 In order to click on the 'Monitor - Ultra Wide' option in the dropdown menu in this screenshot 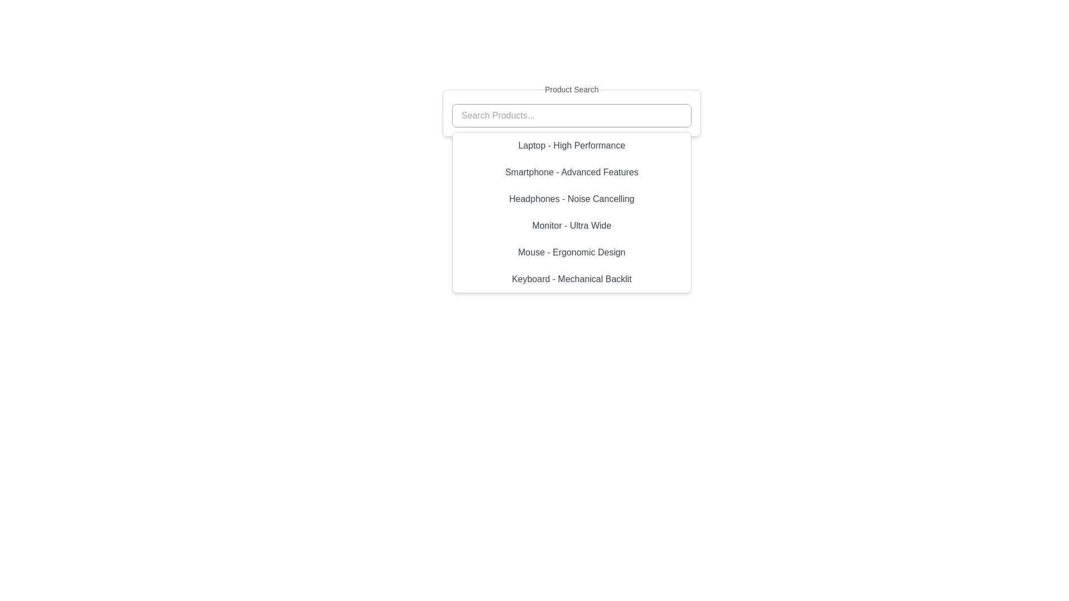, I will do `click(572, 225)`.